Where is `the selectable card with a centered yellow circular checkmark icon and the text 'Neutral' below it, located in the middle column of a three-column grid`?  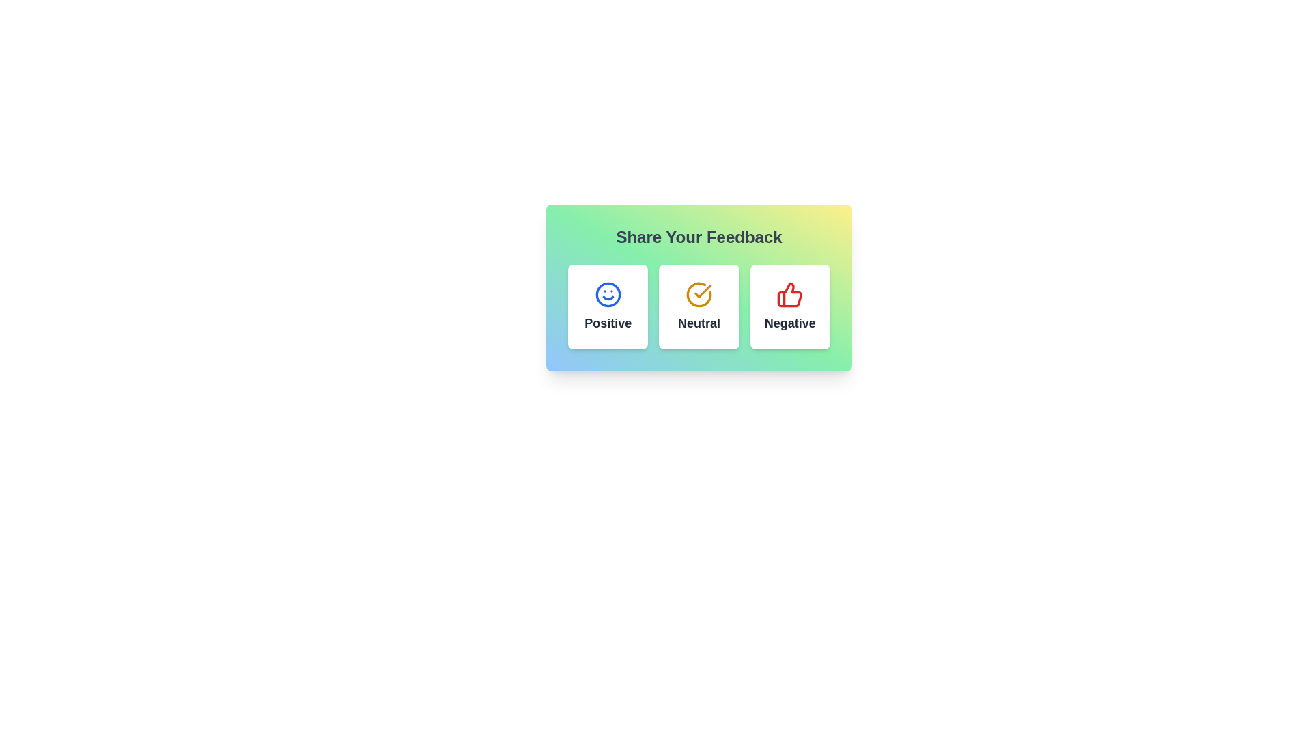
the selectable card with a centered yellow circular checkmark icon and the text 'Neutral' below it, located in the middle column of a three-column grid is located at coordinates (699, 307).